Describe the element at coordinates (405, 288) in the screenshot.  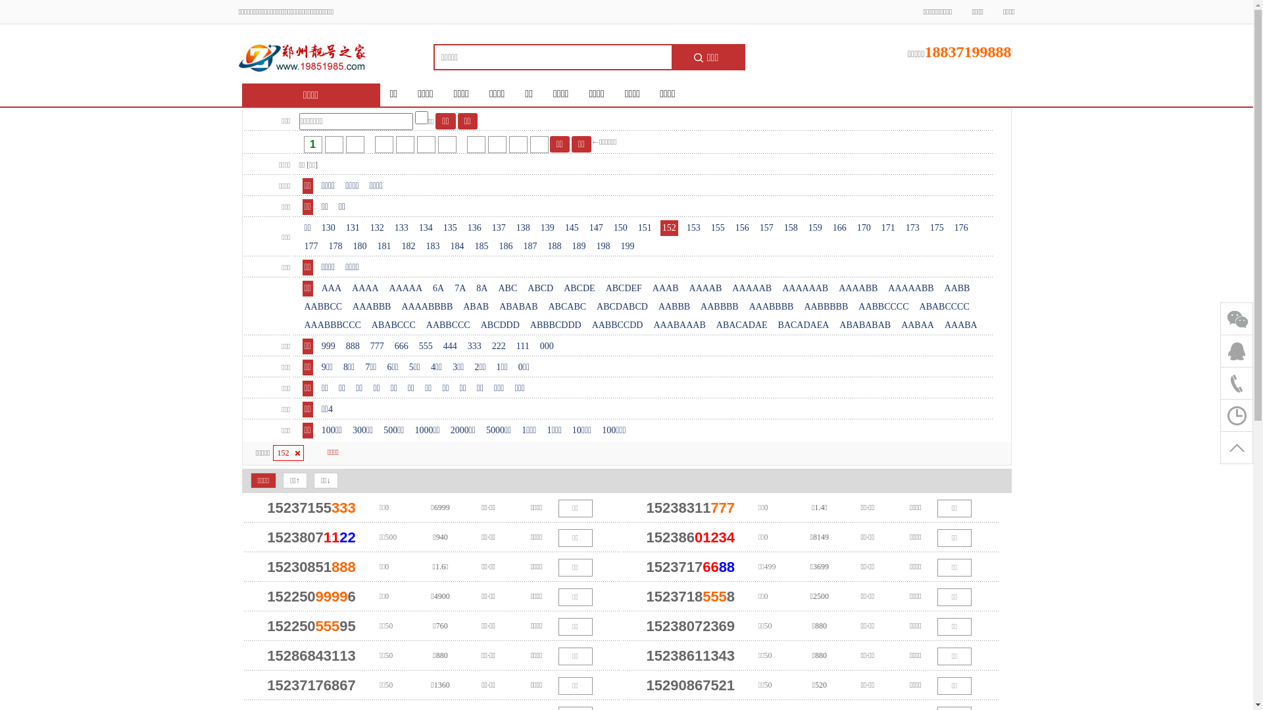
I see `'AAAAA'` at that location.